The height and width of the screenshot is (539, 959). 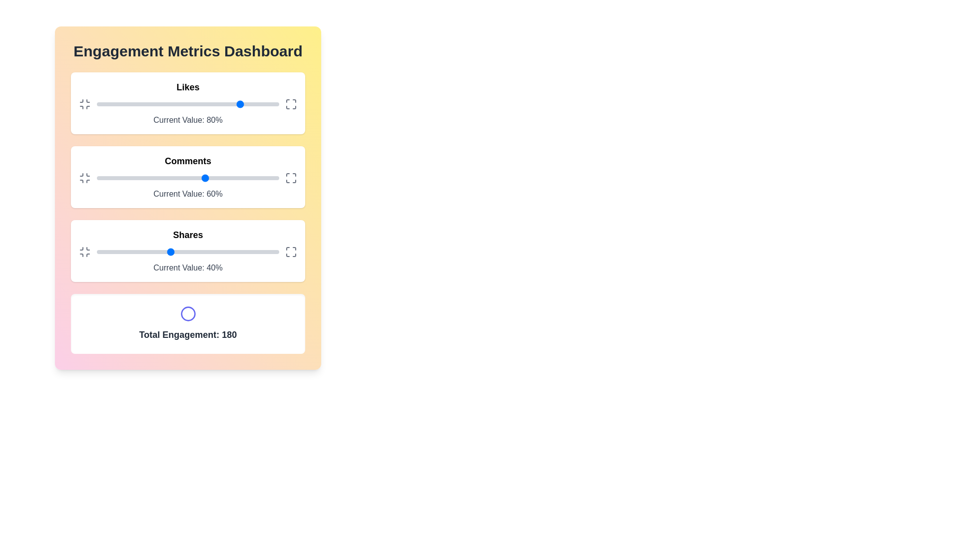 What do you see at coordinates (143, 252) in the screenshot?
I see `the shares value` at bounding box center [143, 252].